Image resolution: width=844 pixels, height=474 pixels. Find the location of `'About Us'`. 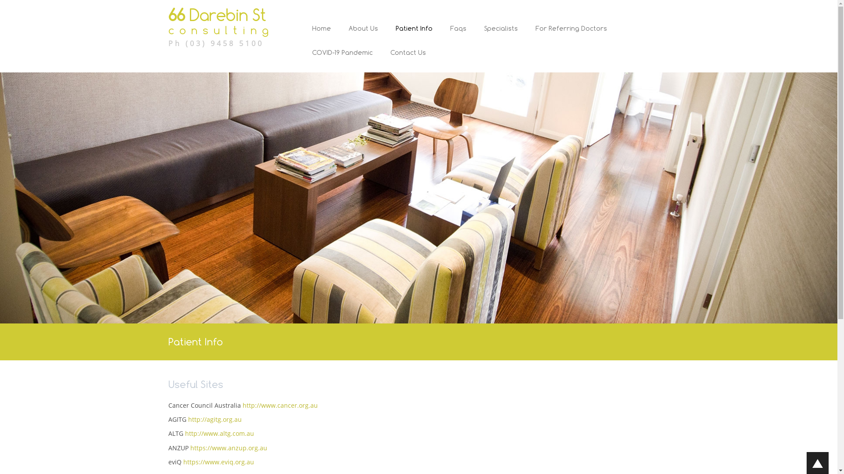

'About Us' is located at coordinates (339, 36).